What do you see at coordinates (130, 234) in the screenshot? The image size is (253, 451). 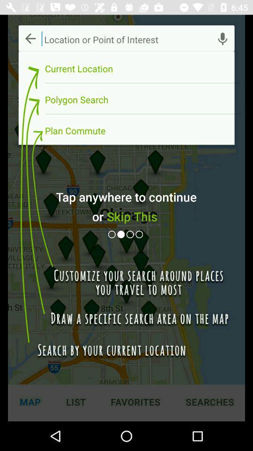 I see `next button` at bounding box center [130, 234].